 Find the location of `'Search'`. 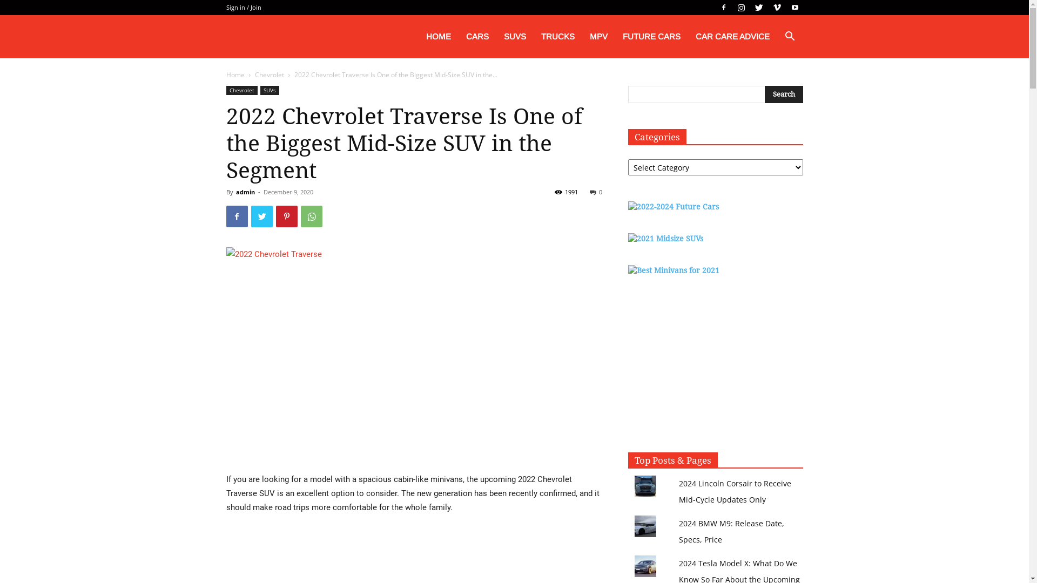

'Search' is located at coordinates (772, 88).